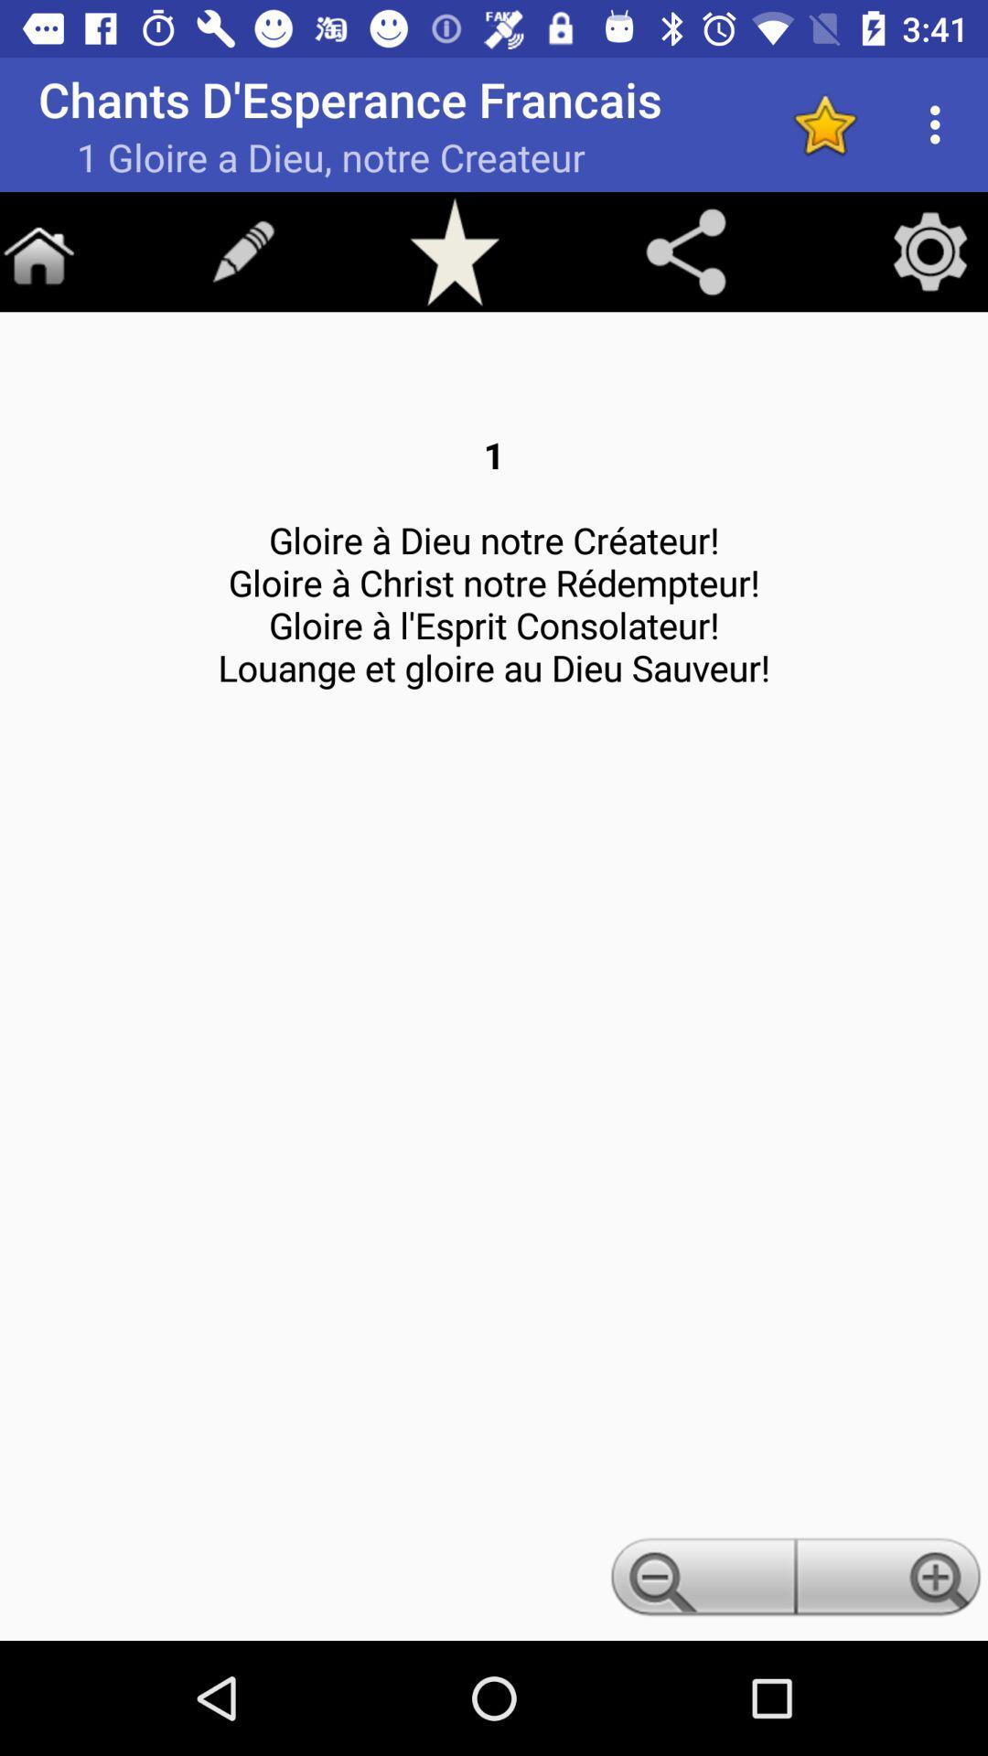 This screenshot has width=988, height=1756. What do you see at coordinates (454, 251) in the screenshot?
I see `the item below the 1 gloire a item` at bounding box center [454, 251].